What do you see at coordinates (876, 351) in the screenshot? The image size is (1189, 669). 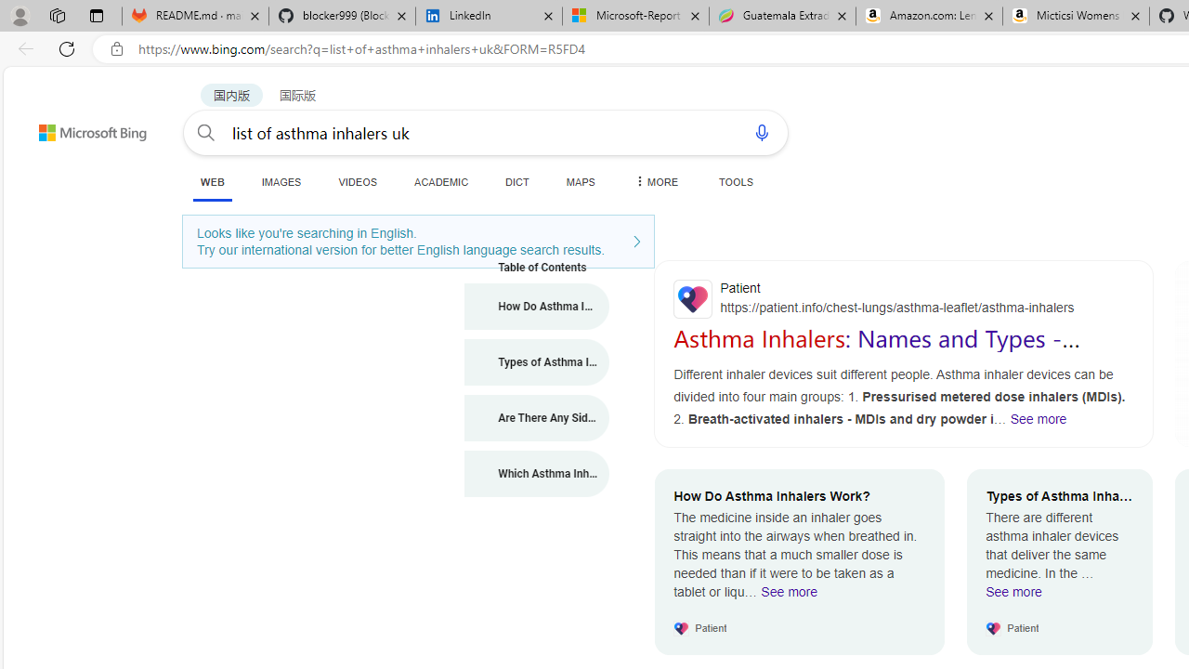 I see `'Asthma Inhalers: Names and Types - Patient'` at bounding box center [876, 351].